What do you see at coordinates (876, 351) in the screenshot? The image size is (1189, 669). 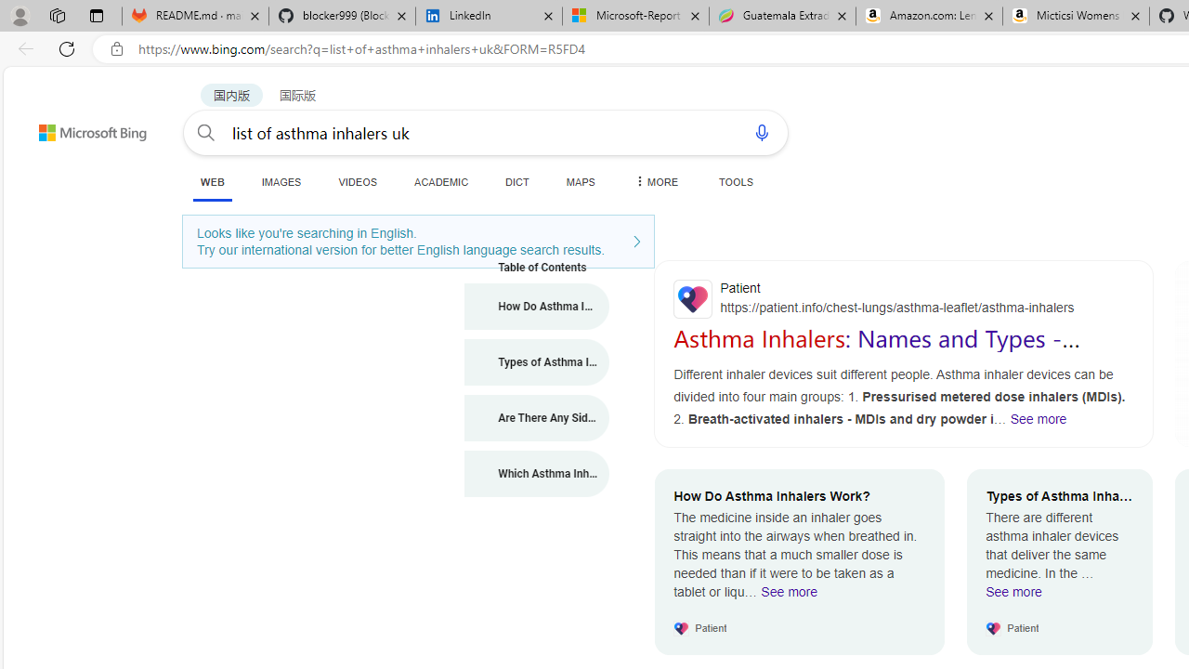 I see `'Asthma Inhalers: Names and Types - Patient'` at bounding box center [876, 351].